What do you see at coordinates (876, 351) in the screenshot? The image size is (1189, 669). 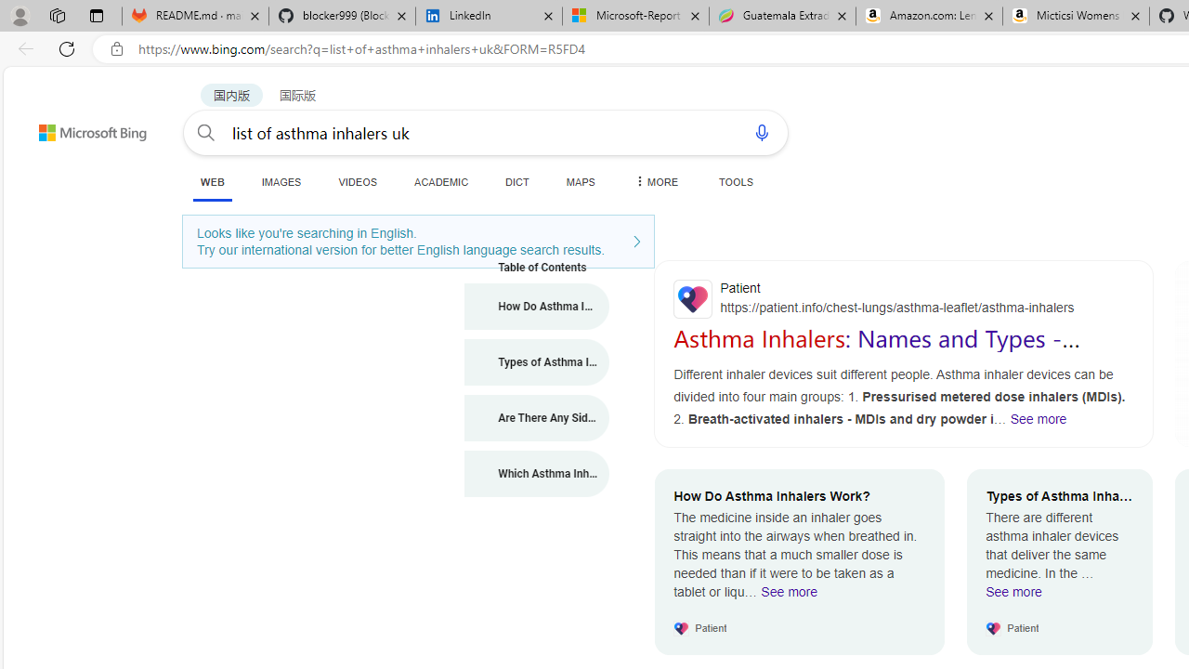 I see `'Asthma Inhalers: Names and Types - Patient'` at bounding box center [876, 351].